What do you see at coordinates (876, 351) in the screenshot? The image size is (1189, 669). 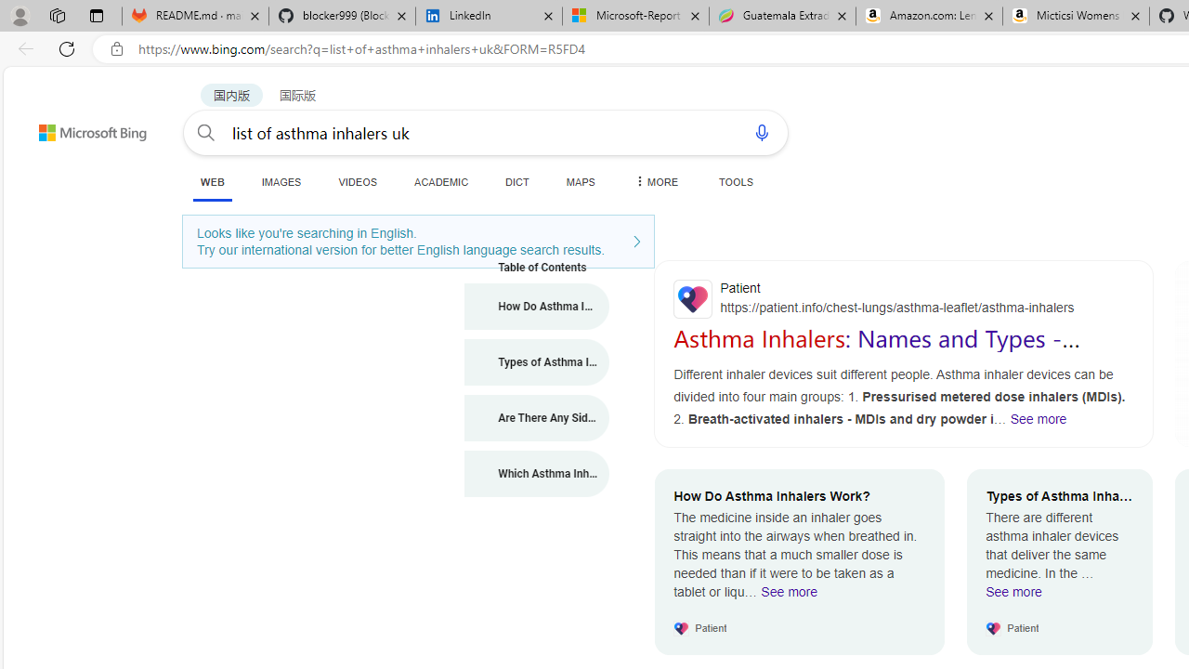 I see `'Asthma Inhalers: Names and Types - Patient'` at bounding box center [876, 351].